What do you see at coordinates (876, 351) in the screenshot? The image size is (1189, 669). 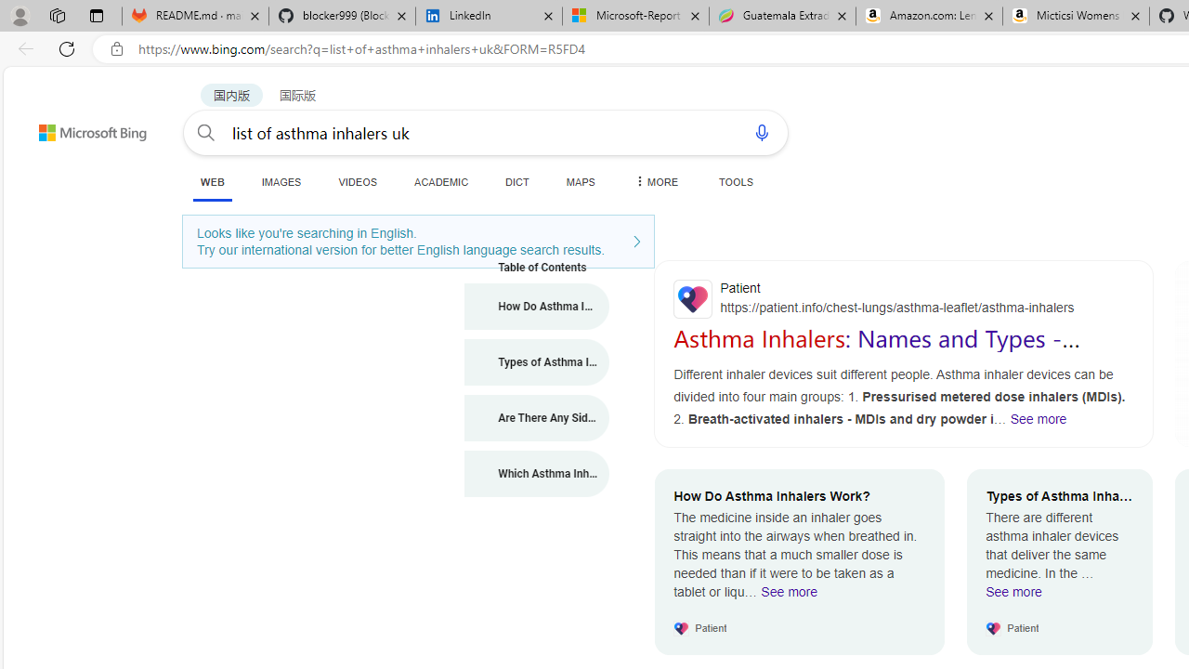 I see `'Asthma Inhalers: Names and Types - Patient'` at bounding box center [876, 351].